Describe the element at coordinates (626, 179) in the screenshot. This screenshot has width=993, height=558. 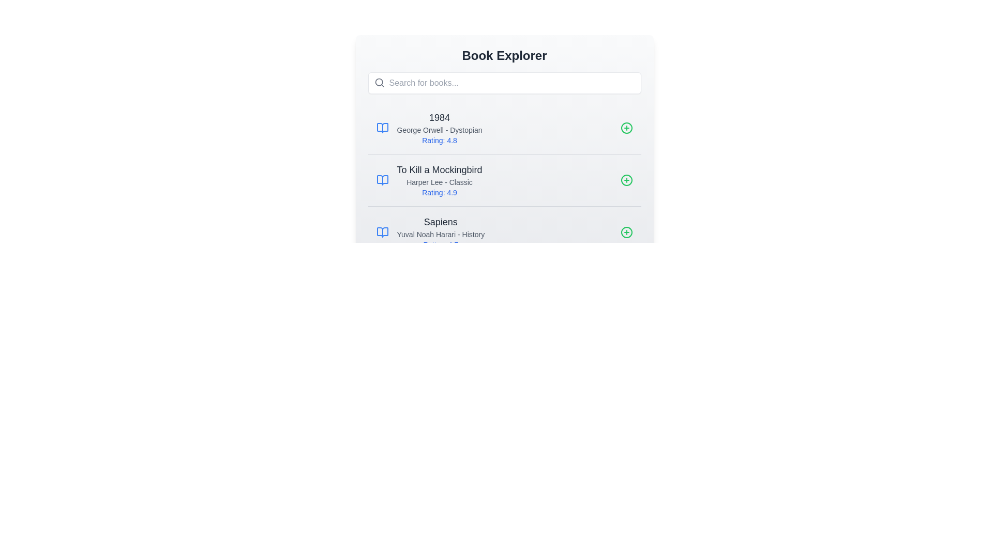
I see `the circular button with a green plus symbol` at that location.